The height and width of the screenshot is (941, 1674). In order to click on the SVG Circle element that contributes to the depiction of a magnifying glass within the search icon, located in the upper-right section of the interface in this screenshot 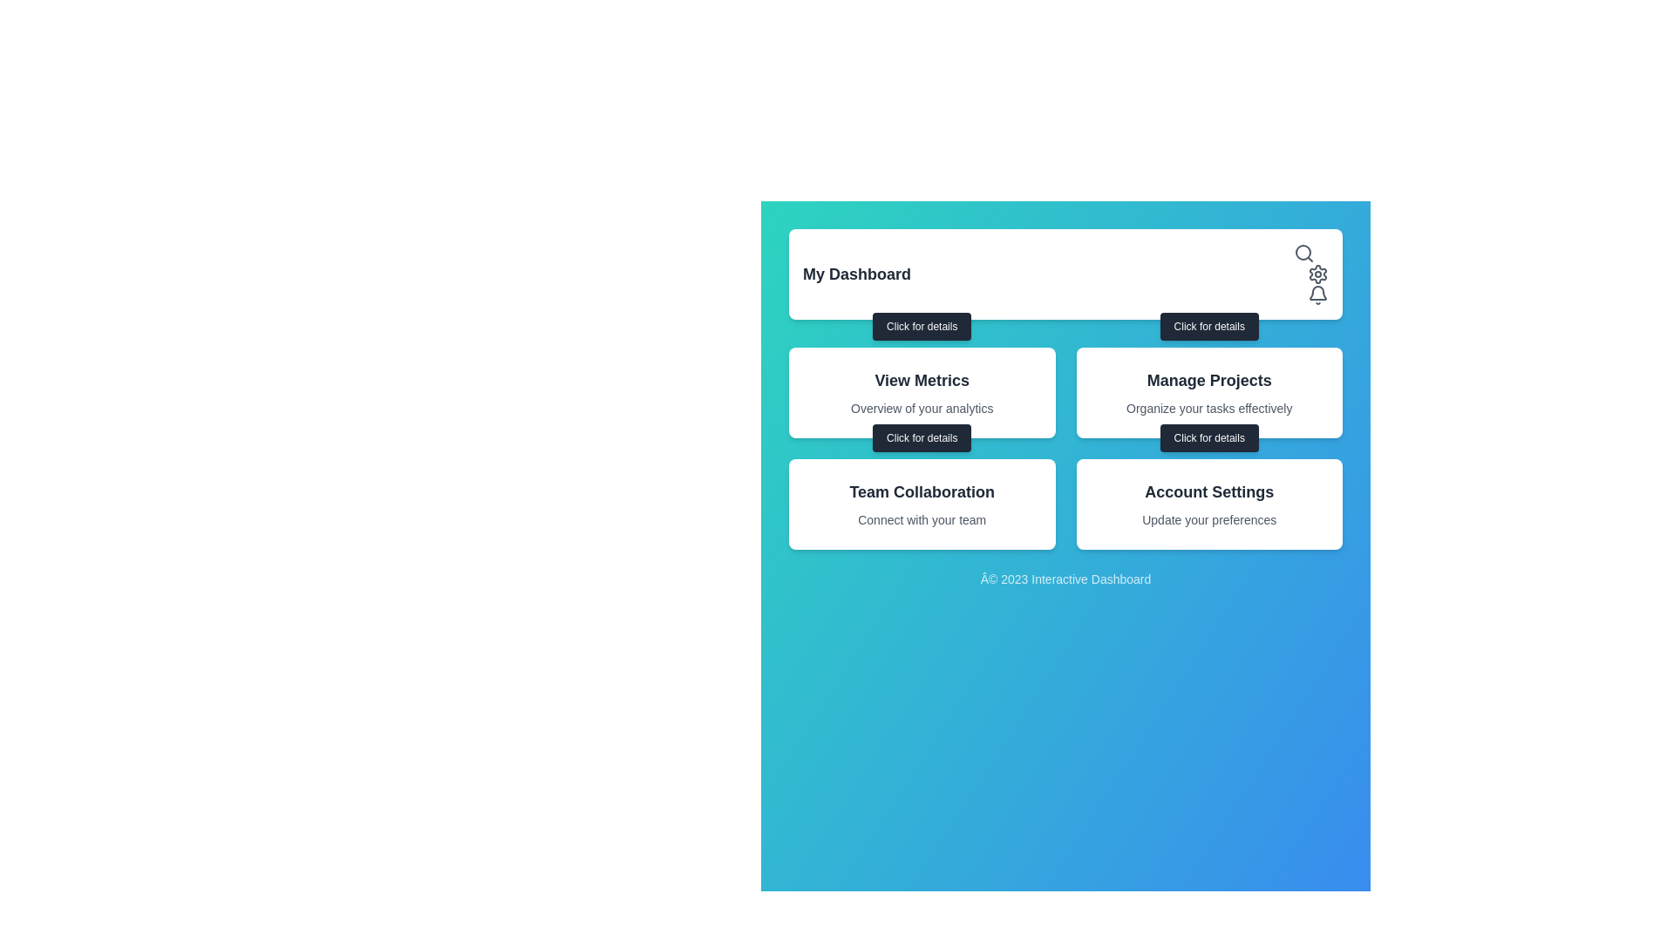, I will do `click(1303, 252)`.